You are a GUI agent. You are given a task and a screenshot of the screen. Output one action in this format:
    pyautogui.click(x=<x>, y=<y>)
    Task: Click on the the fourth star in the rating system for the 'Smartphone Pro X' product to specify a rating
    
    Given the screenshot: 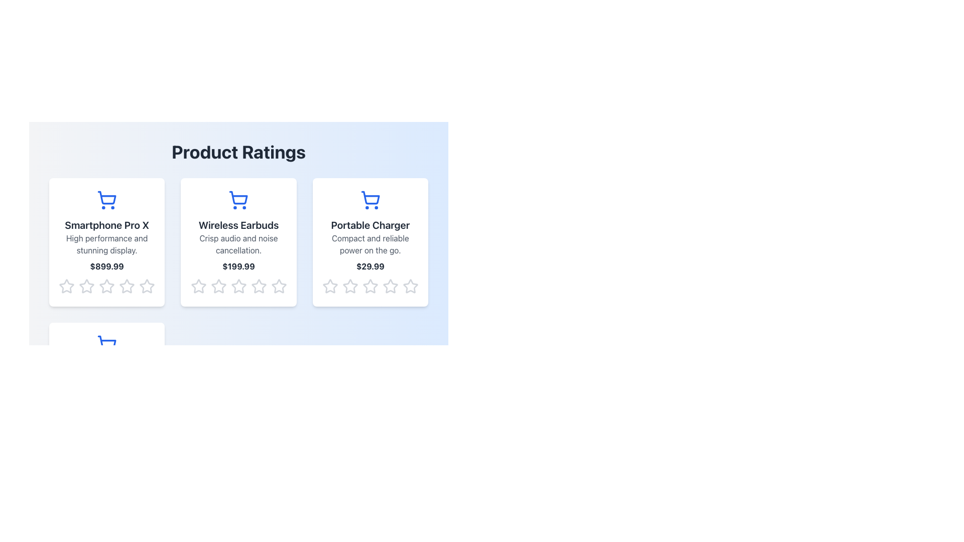 What is the action you would take?
    pyautogui.click(x=147, y=286)
    